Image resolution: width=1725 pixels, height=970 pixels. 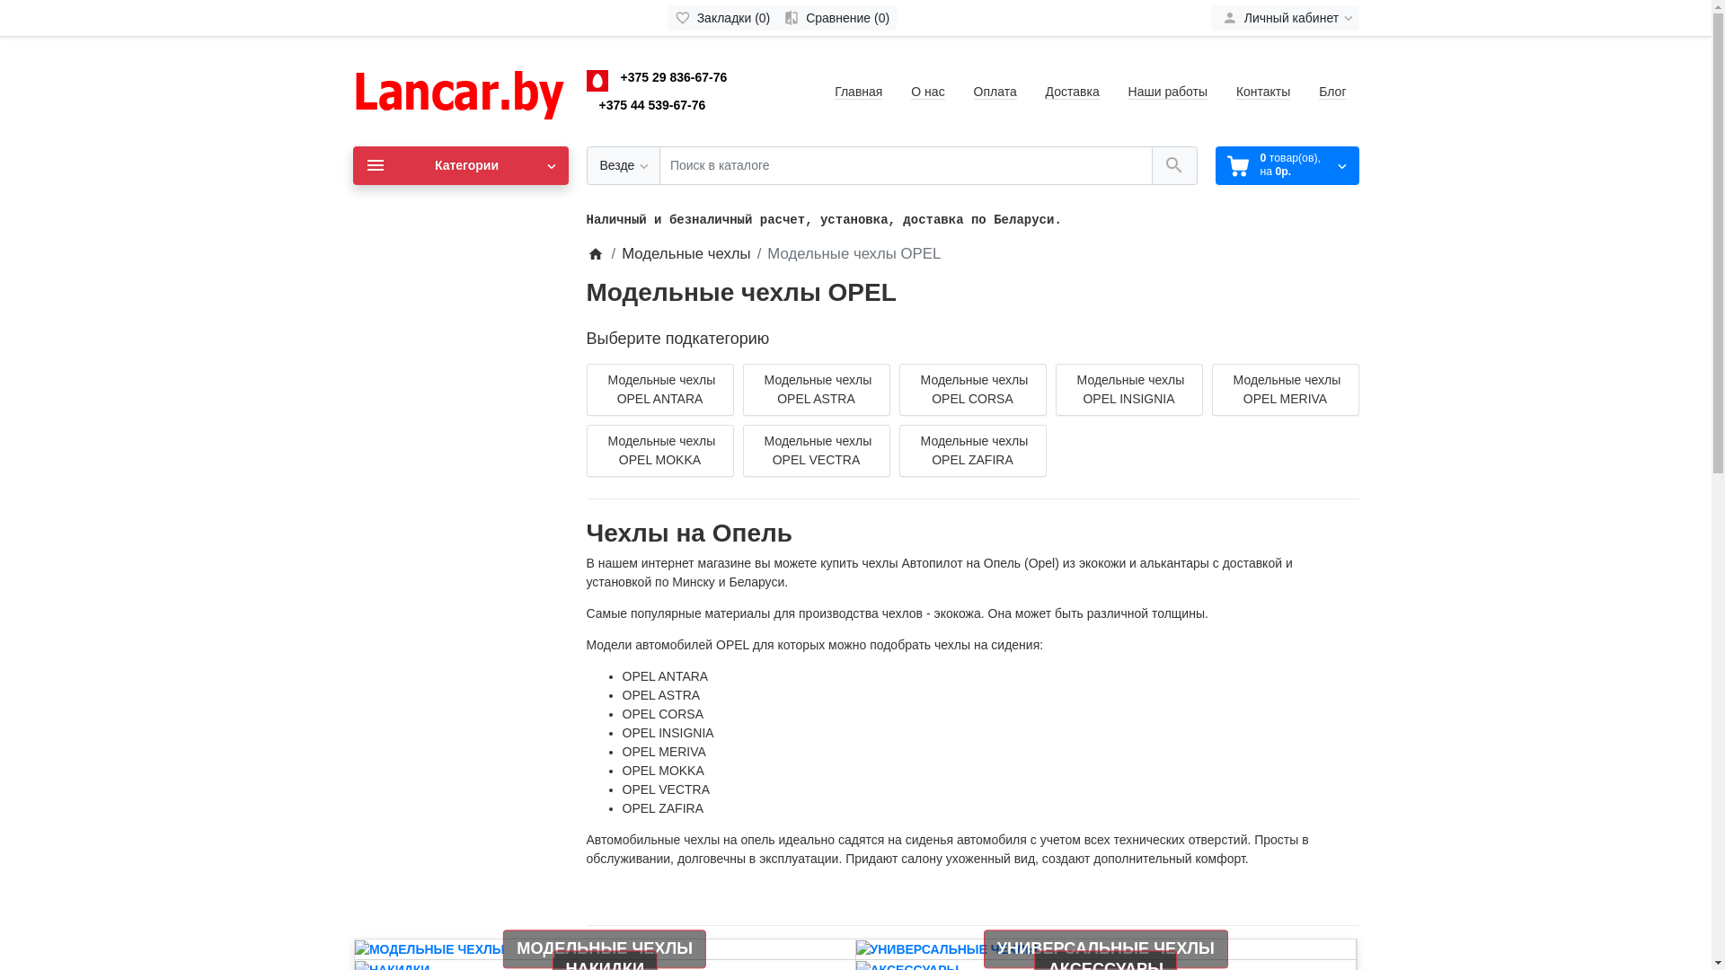 I want to click on '+375 29 836-67-76', so click(x=672, y=75).